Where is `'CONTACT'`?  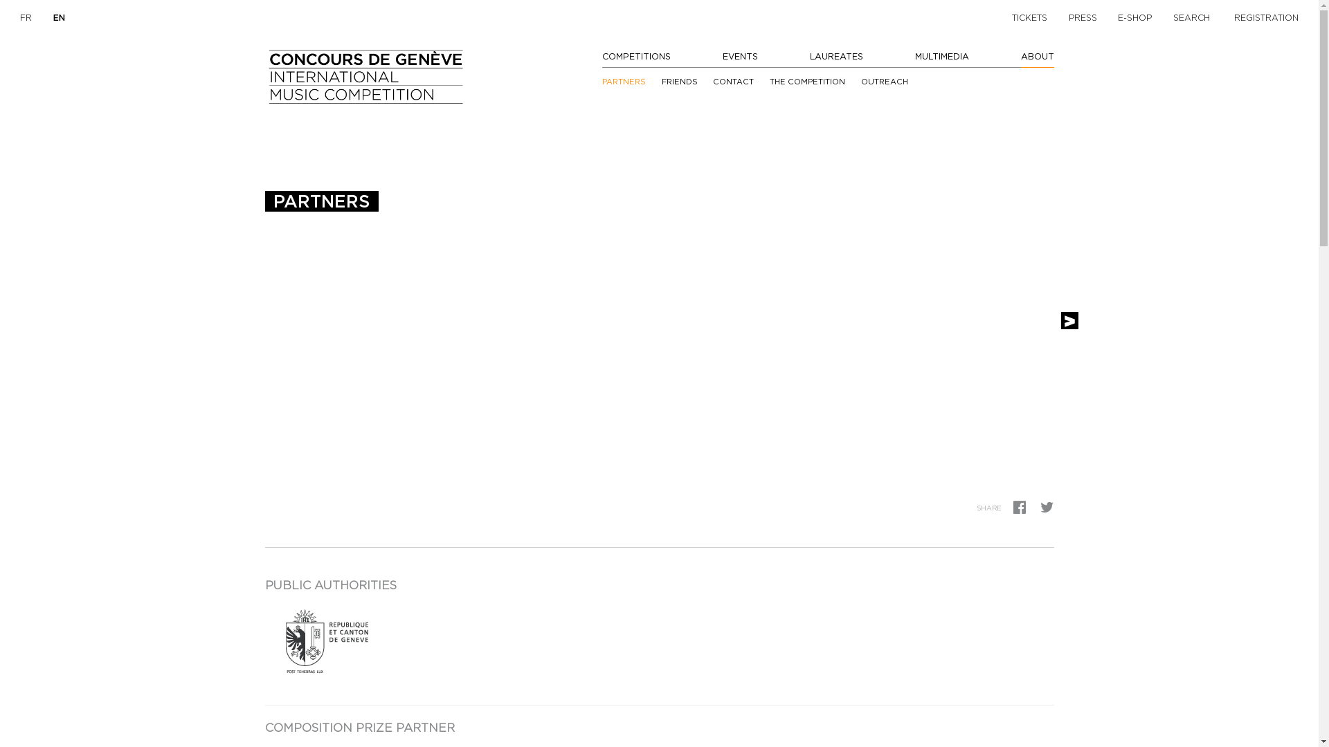
'CONTACT' is located at coordinates (732, 82).